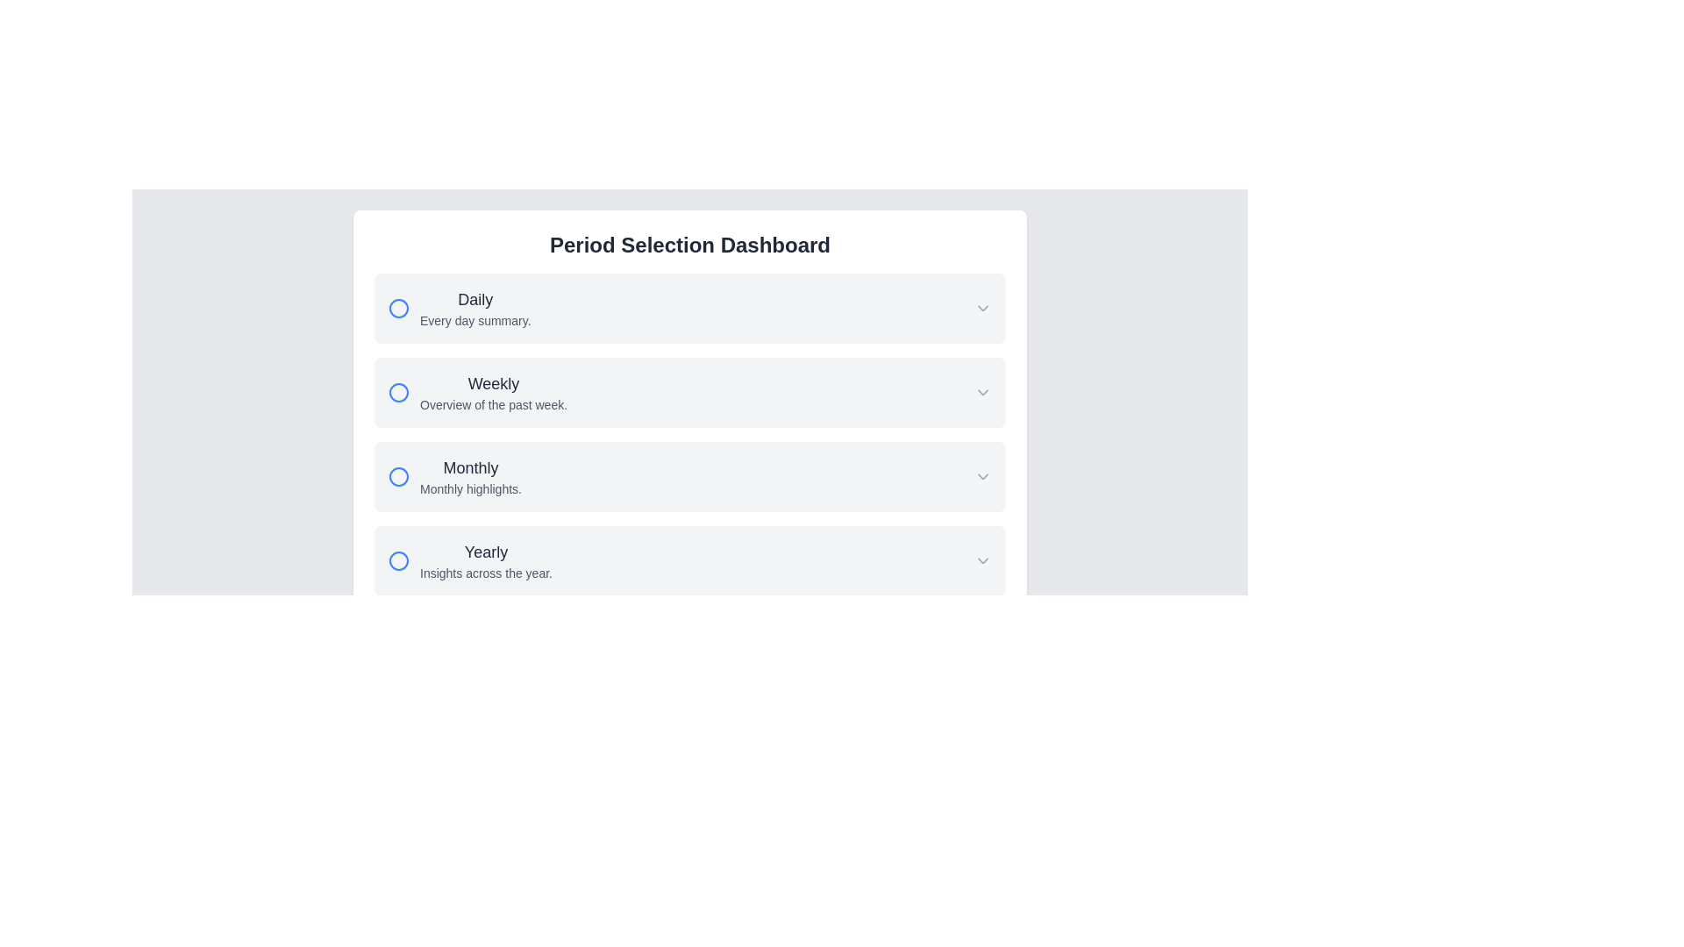  What do you see at coordinates (478, 391) in the screenshot?
I see `the radio button for the 'Weekly' period option, which is the second in a vertical list of selectable options` at bounding box center [478, 391].